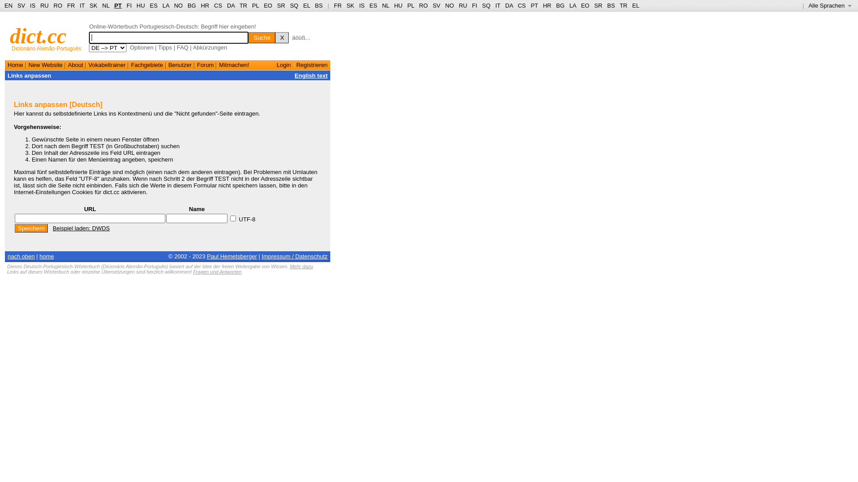 This screenshot has width=858, height=482. Describe the element at coordinates (81, 228) in the screenshot. I see `'Beispiel laden: DWDS'` at that location.